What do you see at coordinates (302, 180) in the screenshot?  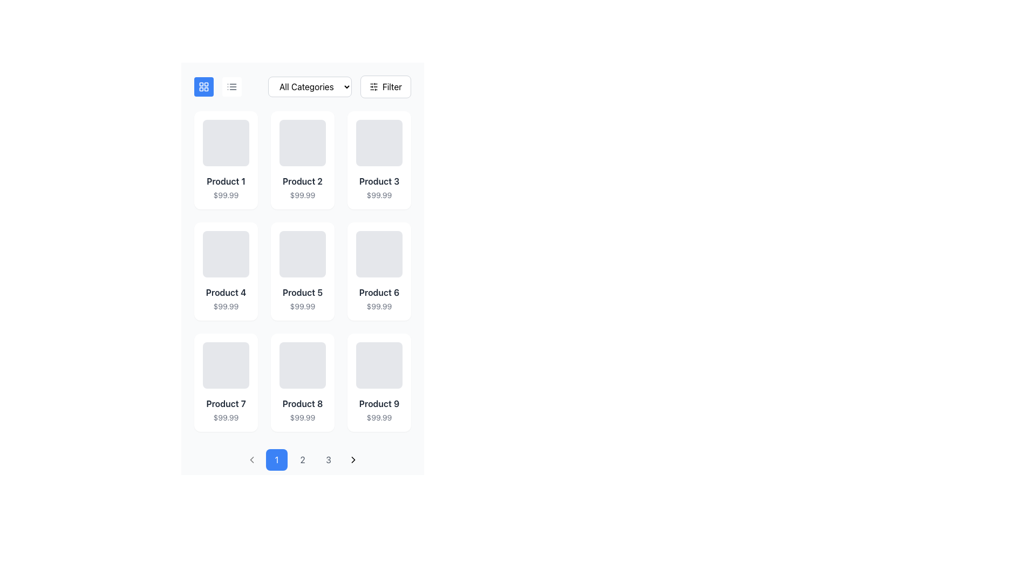 I see `the text label displaying 'Product 2' in bold dark gray font, located above the price label in the second product card of the first row in the product grid` at bounding box center [302, 180].